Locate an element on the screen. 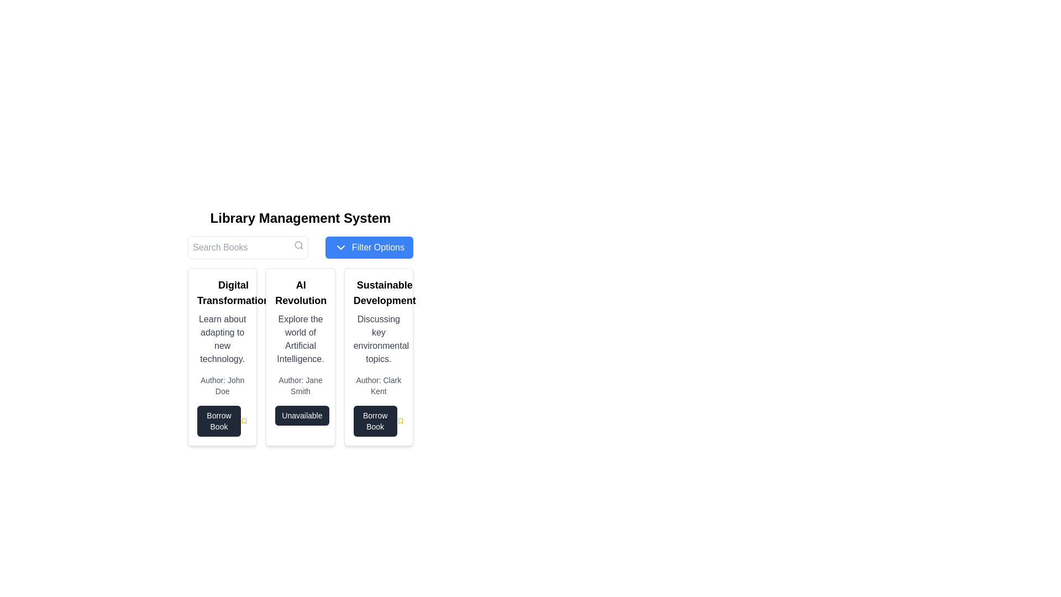  the small bookmark icon with a yellow outline located at the bottom-right corner of the book card titled 'Sustainable Development' to interact is located at coordinates (400, 421).